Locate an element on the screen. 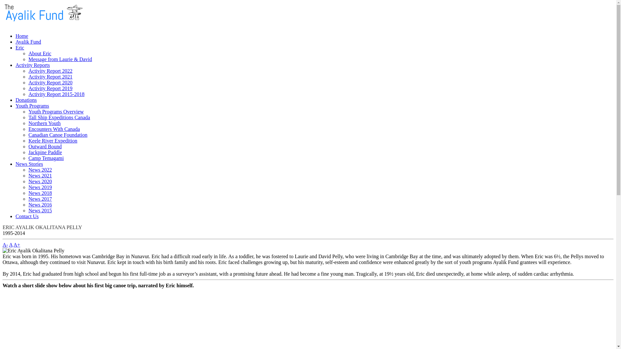 This screenshot has width=621, height=349. 'About Eric' is located at coordinates (39, 53).